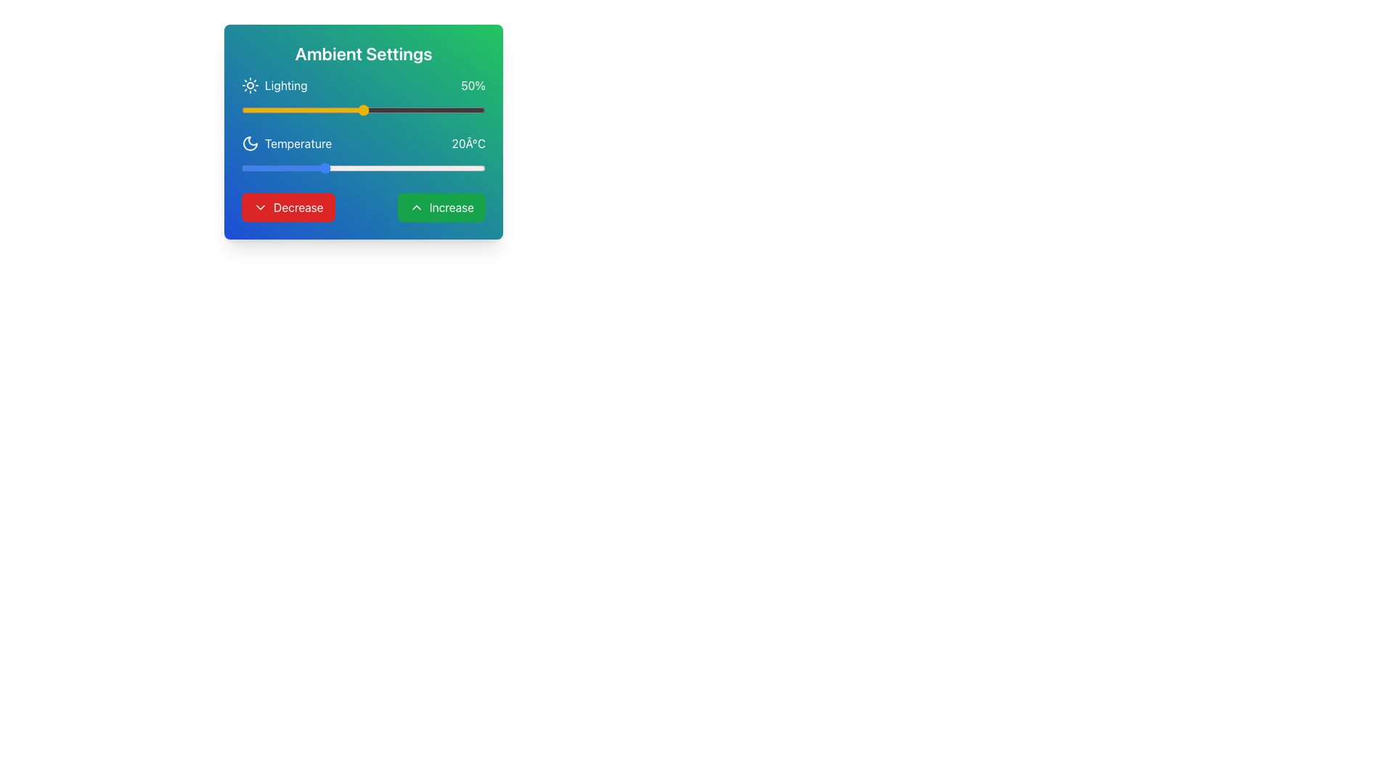 Image resolution: width=1394 pixels, height=784 pixels. What do you see at coordinates (448, 109) in the screenshot?
I see `the lighting level` at bounding box center [448, 109].